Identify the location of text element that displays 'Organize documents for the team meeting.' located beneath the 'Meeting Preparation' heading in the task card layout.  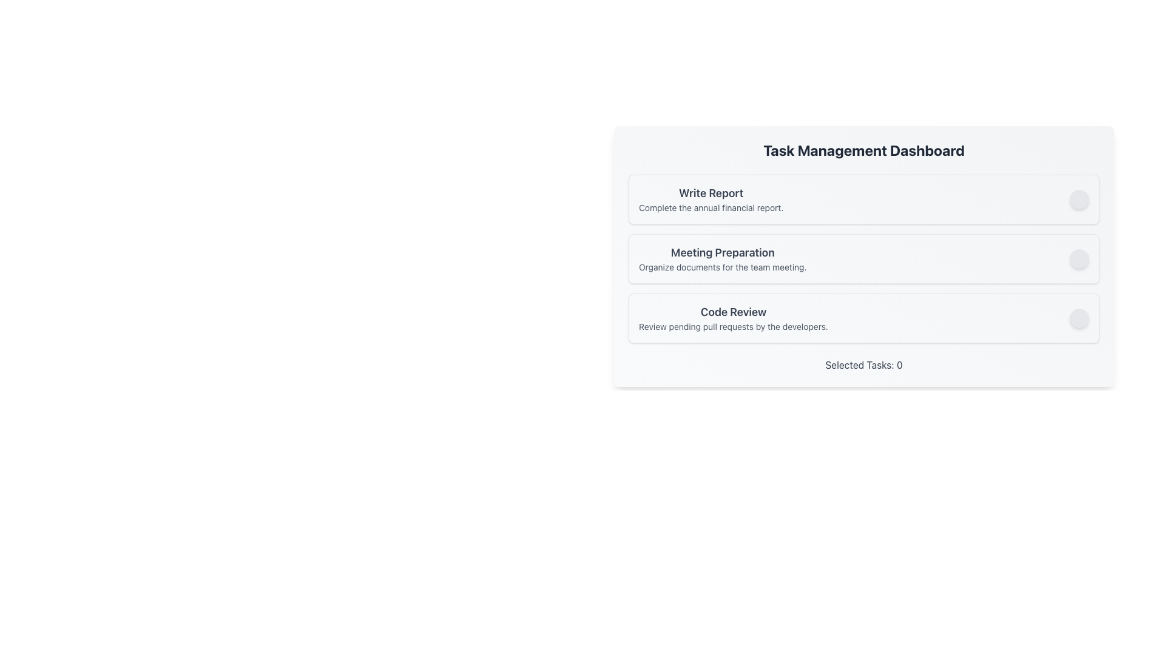
(723, 266).